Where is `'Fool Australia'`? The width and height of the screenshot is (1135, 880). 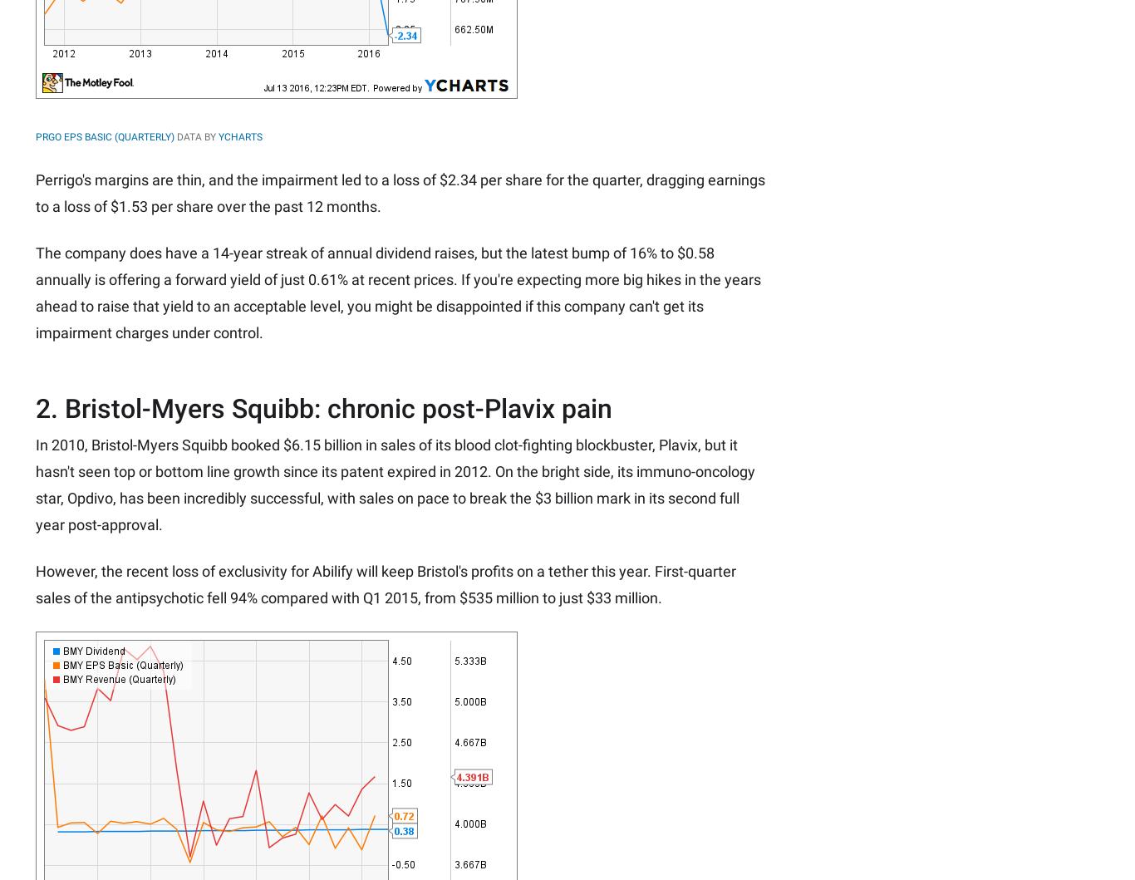
'Fool Australia' is located at coordinates (640, 69).